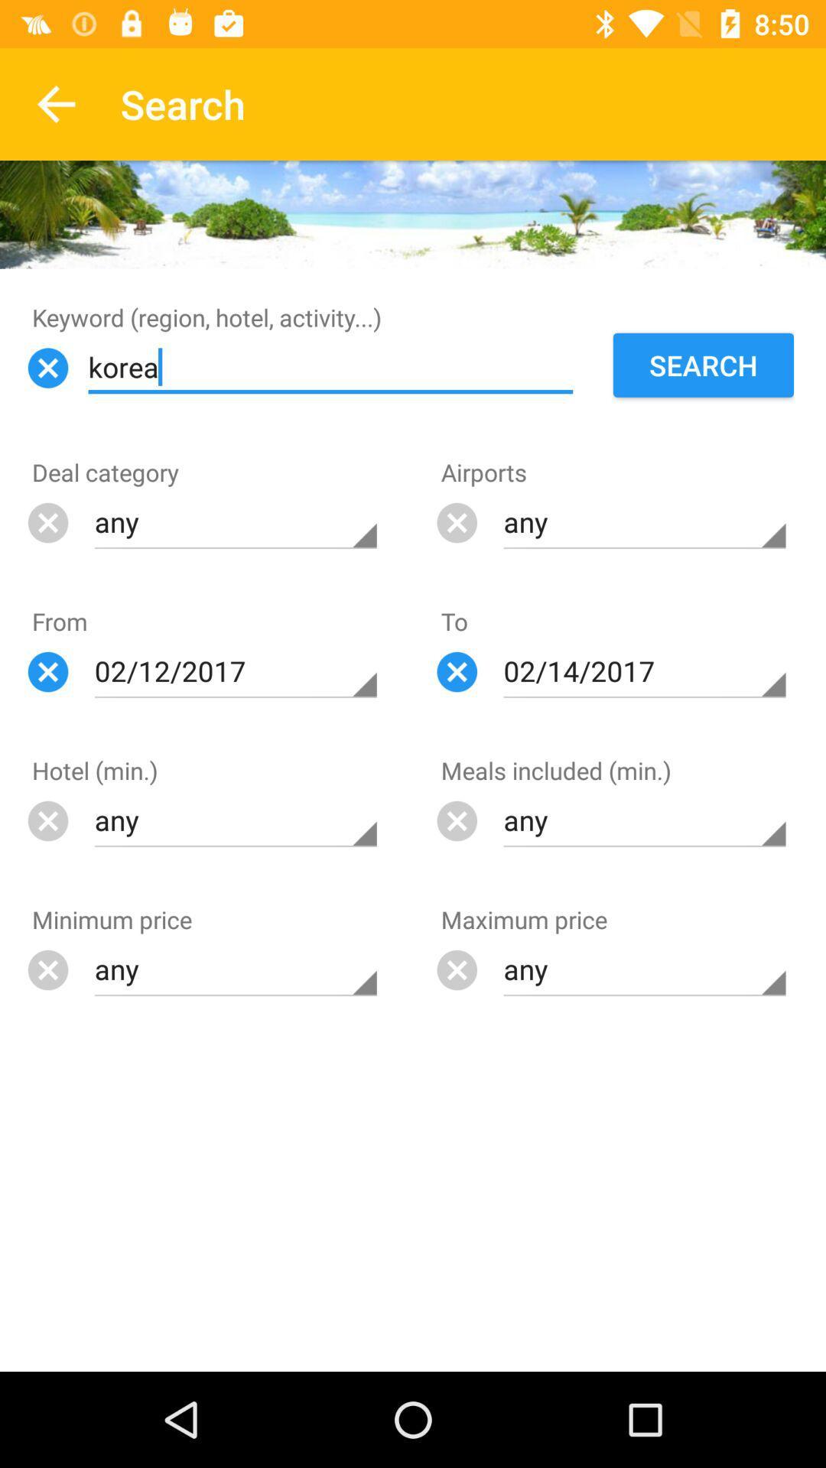  I want to click on the close icon, so click(456, 969).